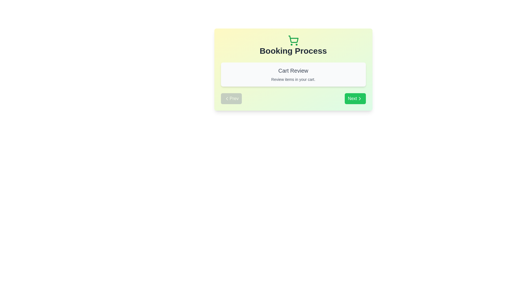 Image resolution: width=527 pixels, height=296 pixels. Describe the element at coordinates (227, 98) in the screenshot. I see `the left arrow icon that represents the backward navigation functionality of the 'Prev' button located in the lower left side of the interface` at that location.